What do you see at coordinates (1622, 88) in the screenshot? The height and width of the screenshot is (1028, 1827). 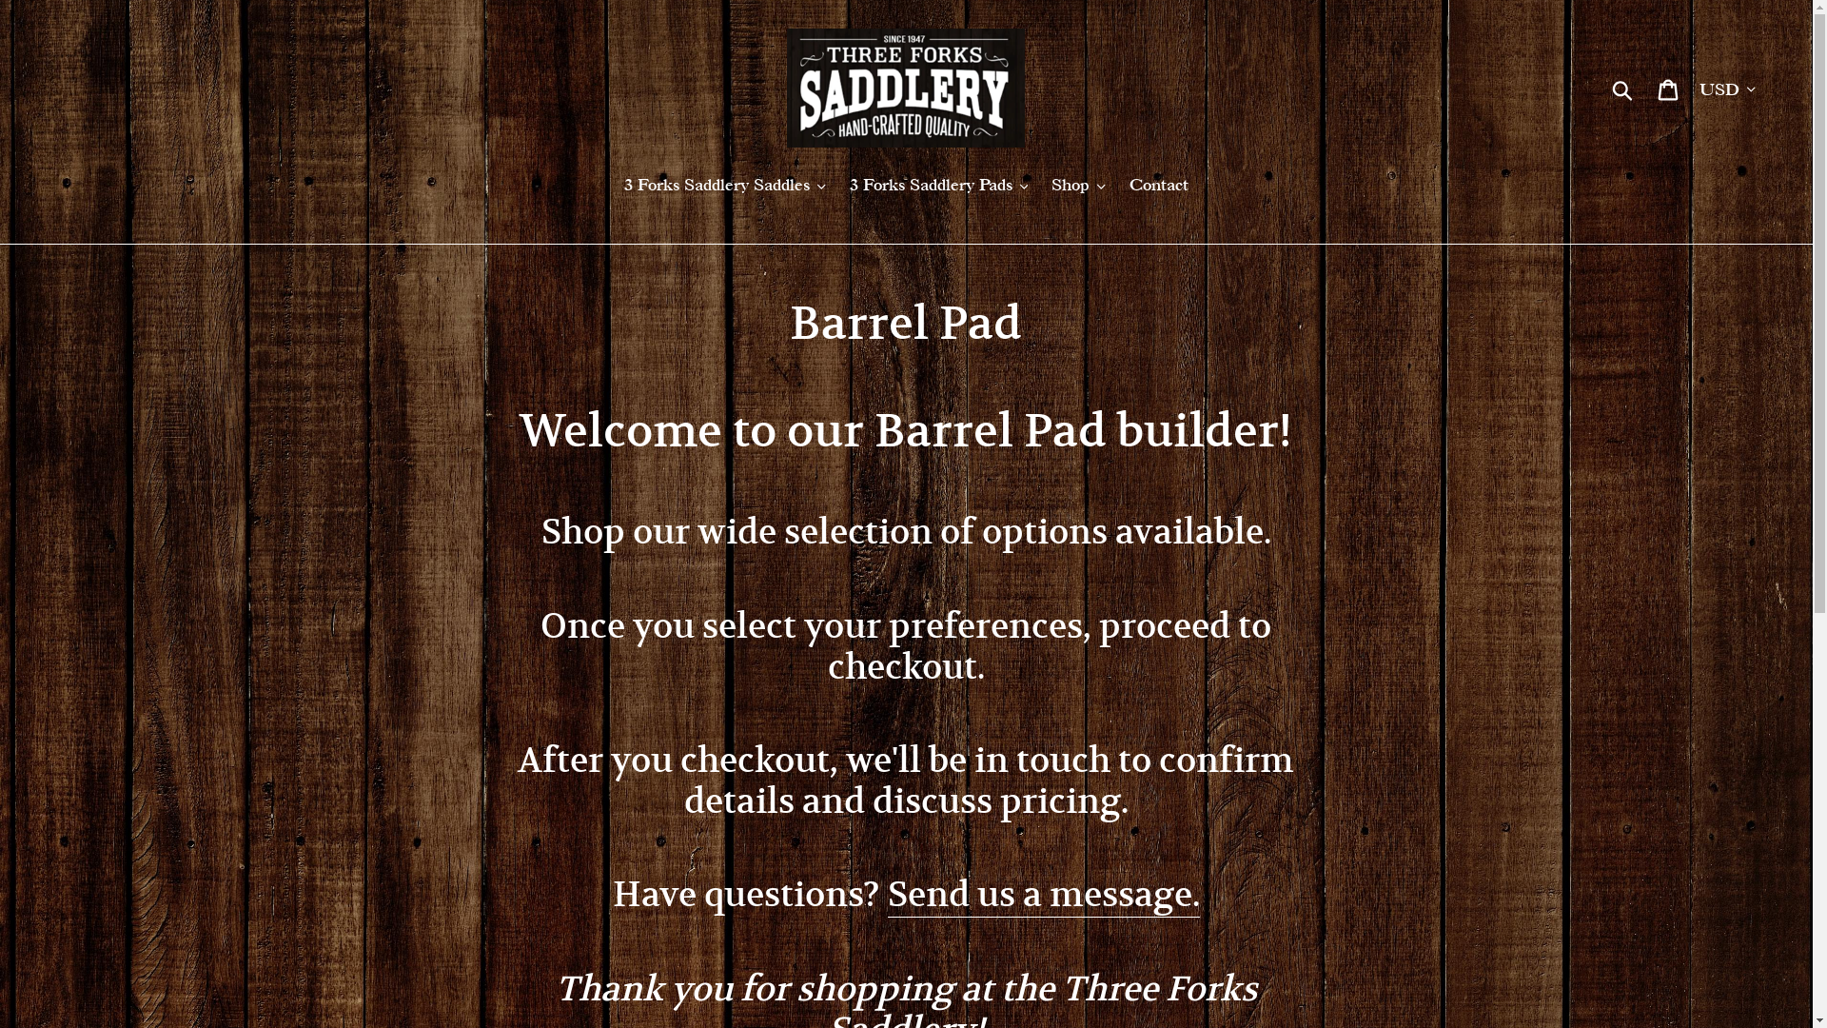 I see `'Submit'` at bounding box center [1622, 88].